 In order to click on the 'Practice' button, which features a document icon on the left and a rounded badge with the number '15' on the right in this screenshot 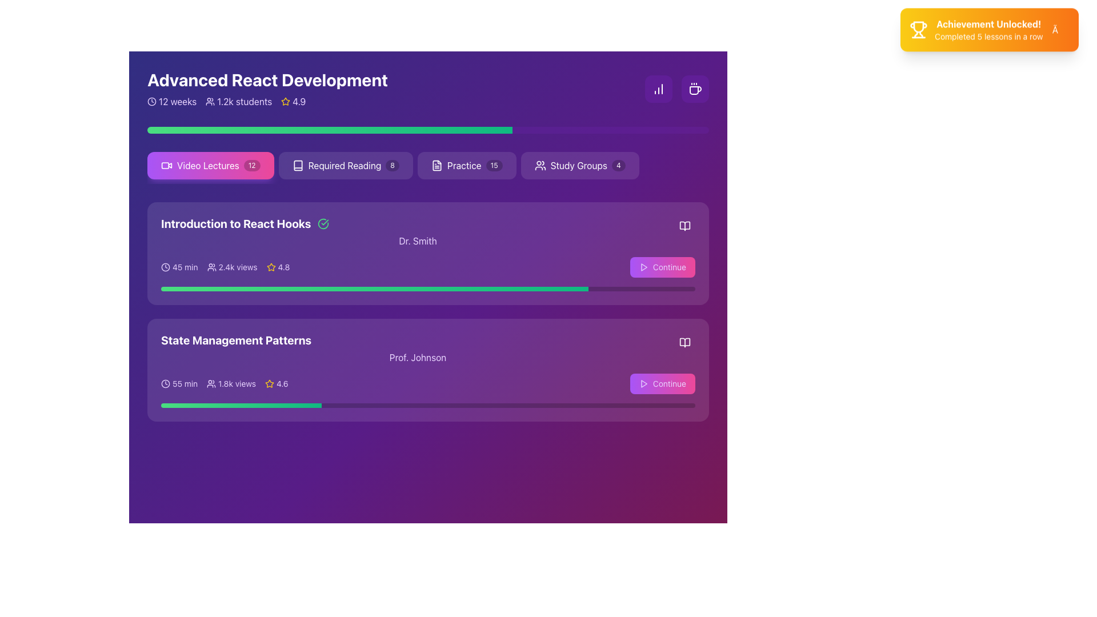, I will do `click(467, 165)`.